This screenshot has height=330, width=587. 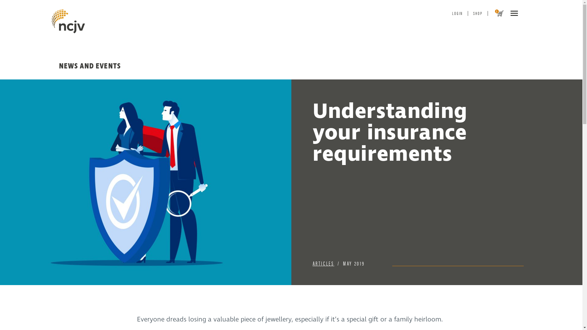 I want to click on 'SHOP', so click(x=468, y=13).